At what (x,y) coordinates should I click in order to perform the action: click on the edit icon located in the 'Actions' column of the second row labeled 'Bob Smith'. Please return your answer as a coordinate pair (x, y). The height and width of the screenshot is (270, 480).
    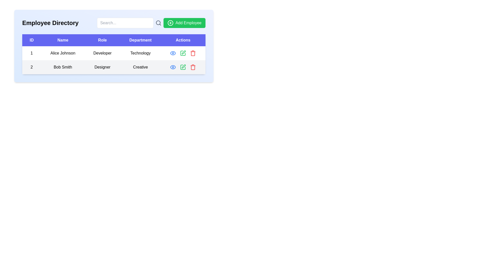
    Looking at the image, I should click on (183, 52).